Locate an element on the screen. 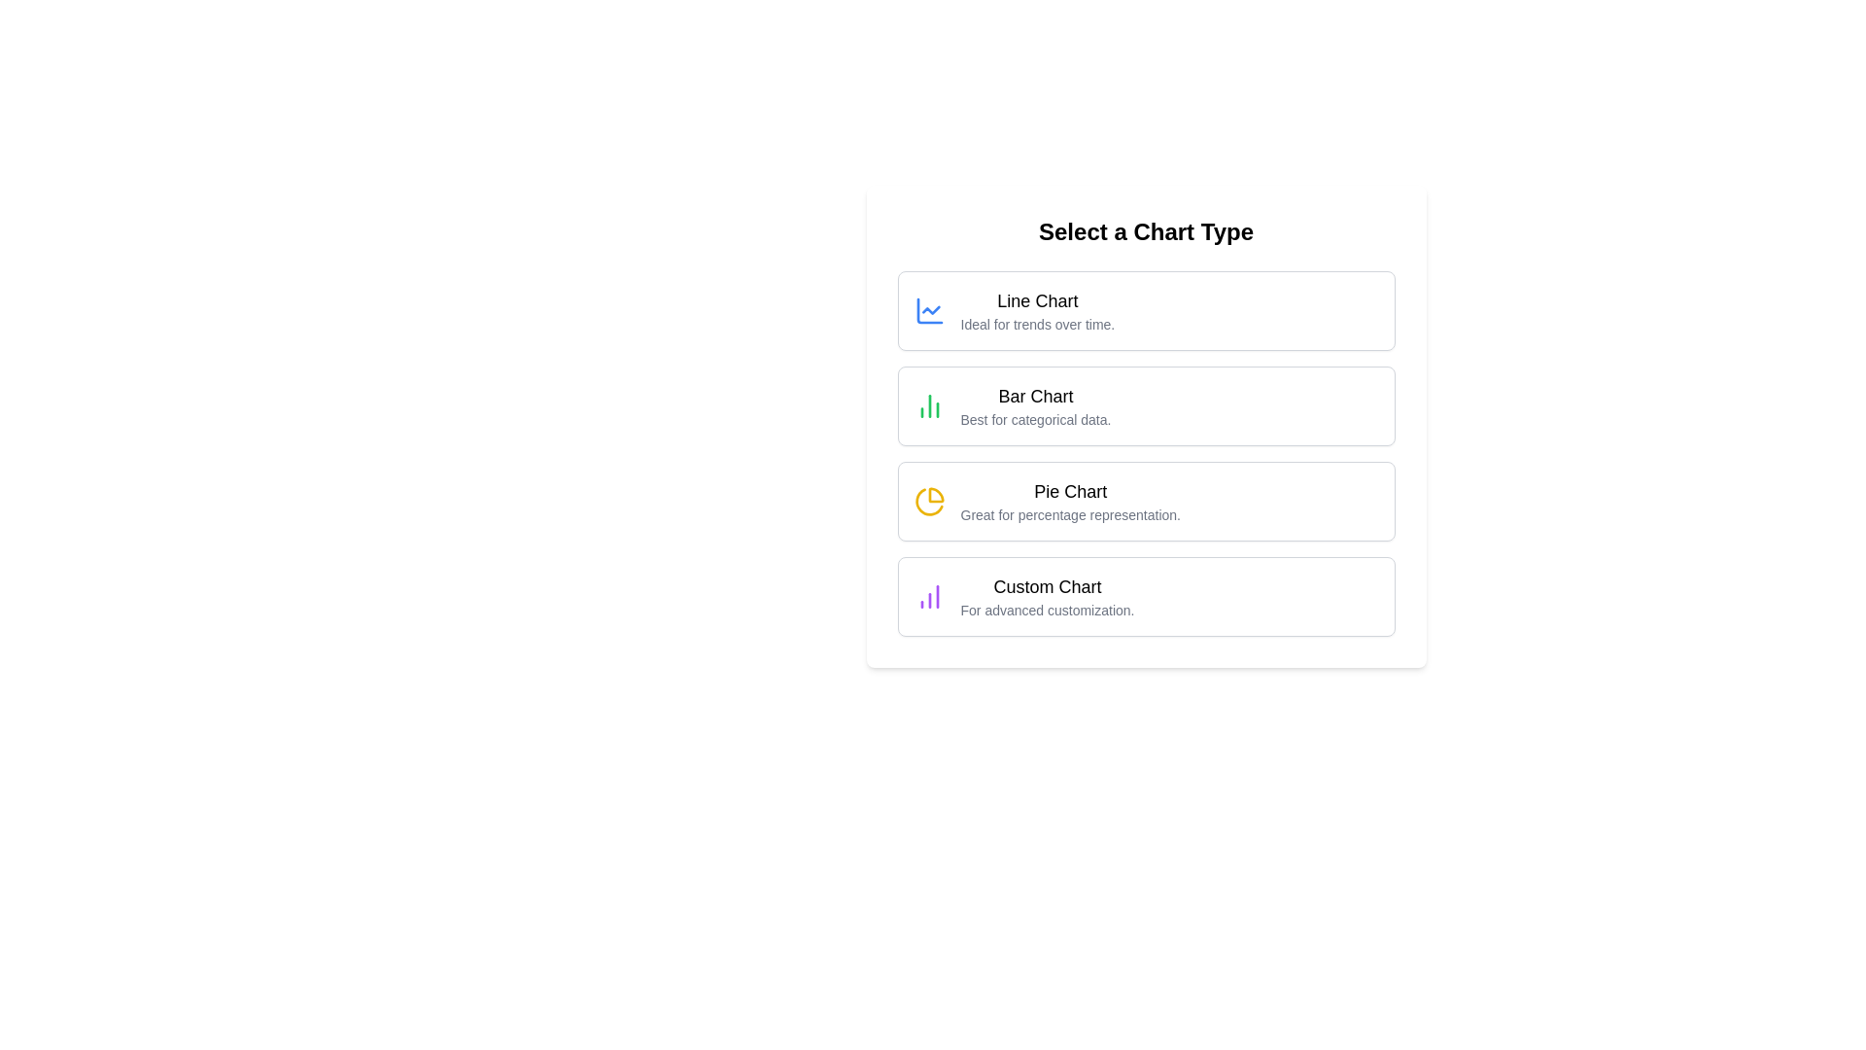 This screenshot has height=1050, width=1866. the text block informing users about the 'Custom Chart' option, which is the fourth item in the 'Select a Chart Type' list is located at coordinates (1047, 595).